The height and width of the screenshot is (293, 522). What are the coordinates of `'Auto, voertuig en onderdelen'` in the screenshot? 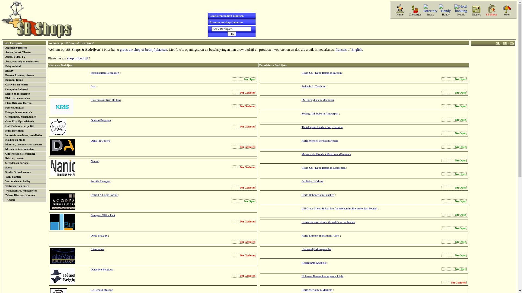 It's located at (5, 61).